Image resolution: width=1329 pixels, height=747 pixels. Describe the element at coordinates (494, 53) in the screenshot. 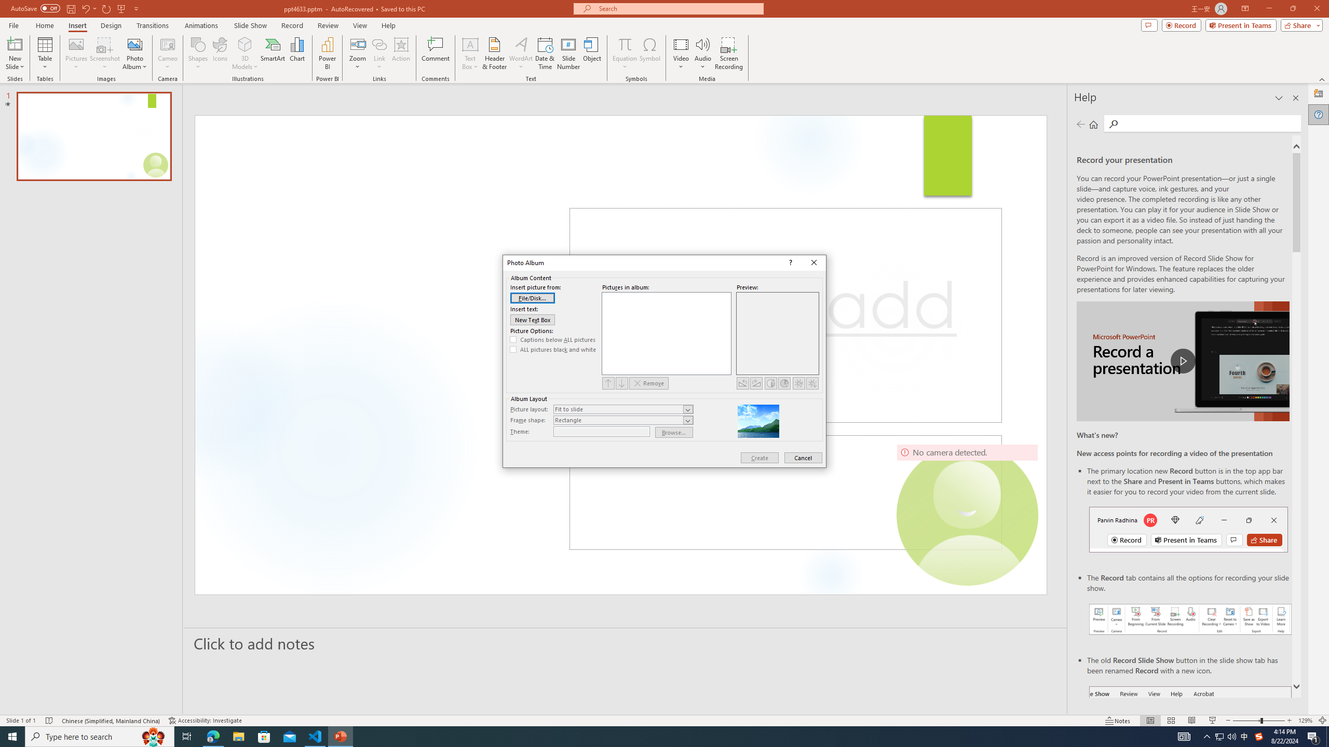

I see `'Header & Footer...'` at that location.